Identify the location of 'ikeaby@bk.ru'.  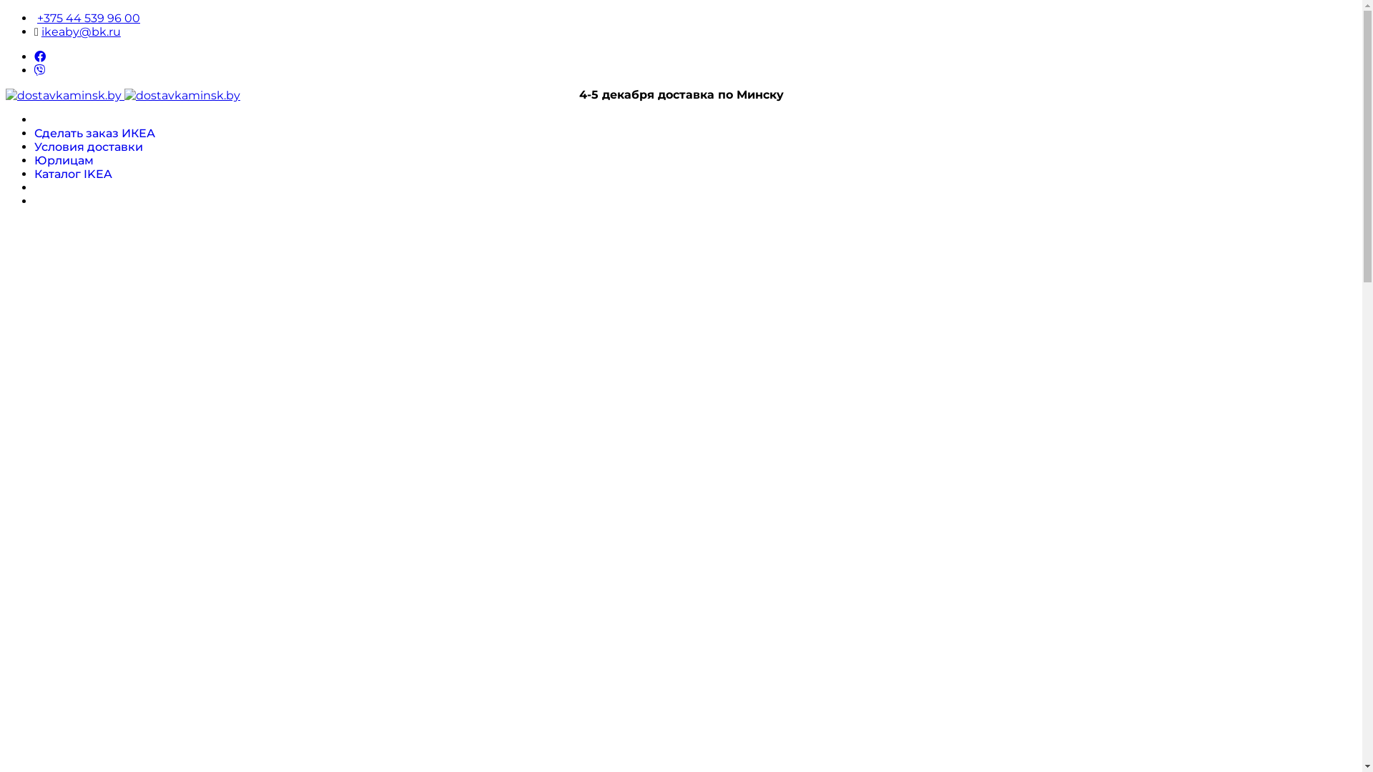
(41, 31).